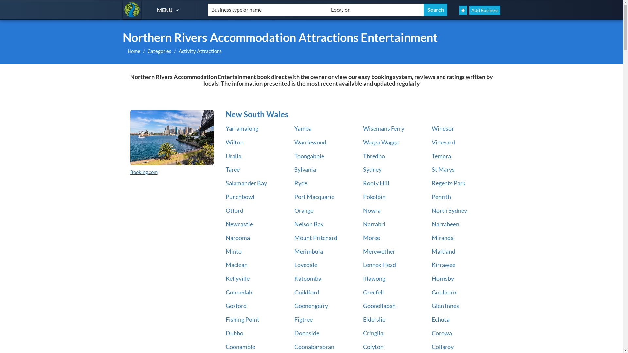 The image size is (628, 353). What do you see at coordinates (374, 156) in the screenshot?
I see `'Thredbo'` at bounding box center [374, 156].